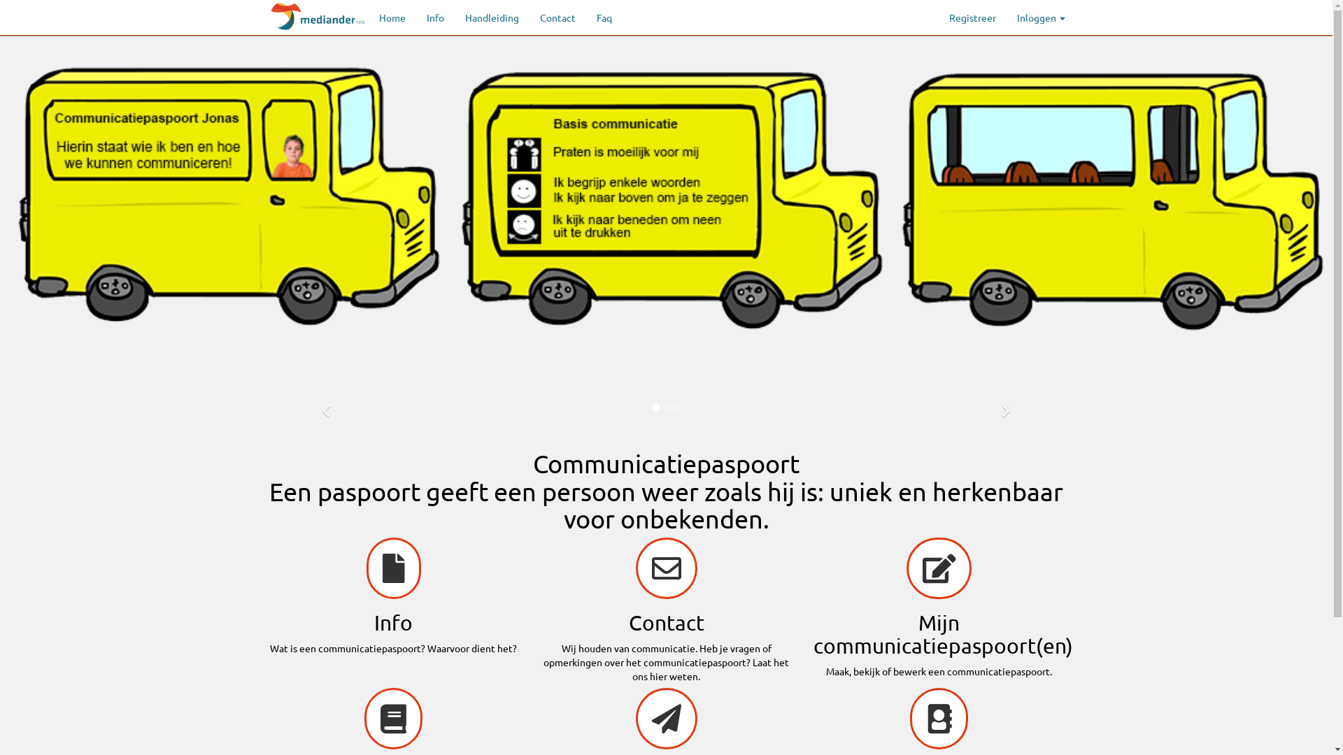  What do you see at coordinates (604, 17) in the screenshot?
I see `'Faq'` at bounding box center [604, 17].